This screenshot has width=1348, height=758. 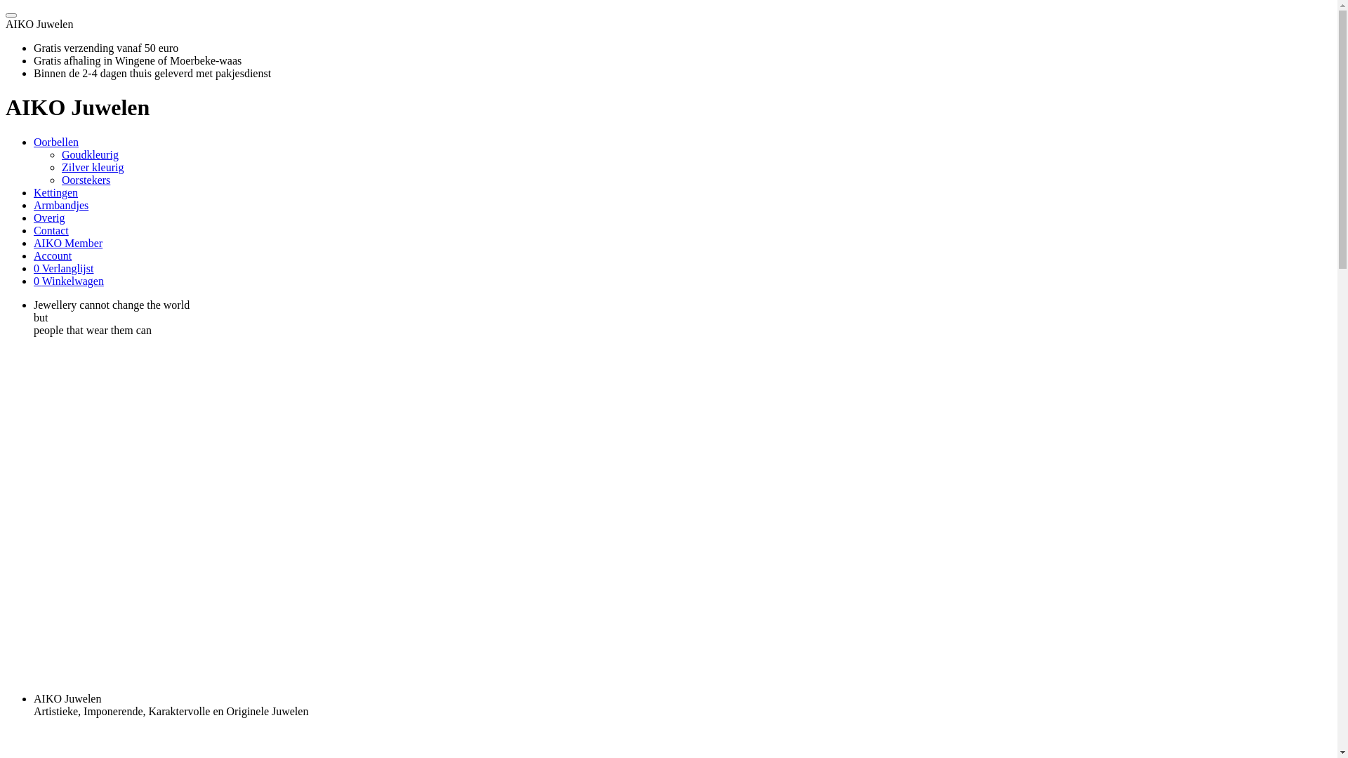 I want to click on 'AIKO Member', so click(x=34, y=242).